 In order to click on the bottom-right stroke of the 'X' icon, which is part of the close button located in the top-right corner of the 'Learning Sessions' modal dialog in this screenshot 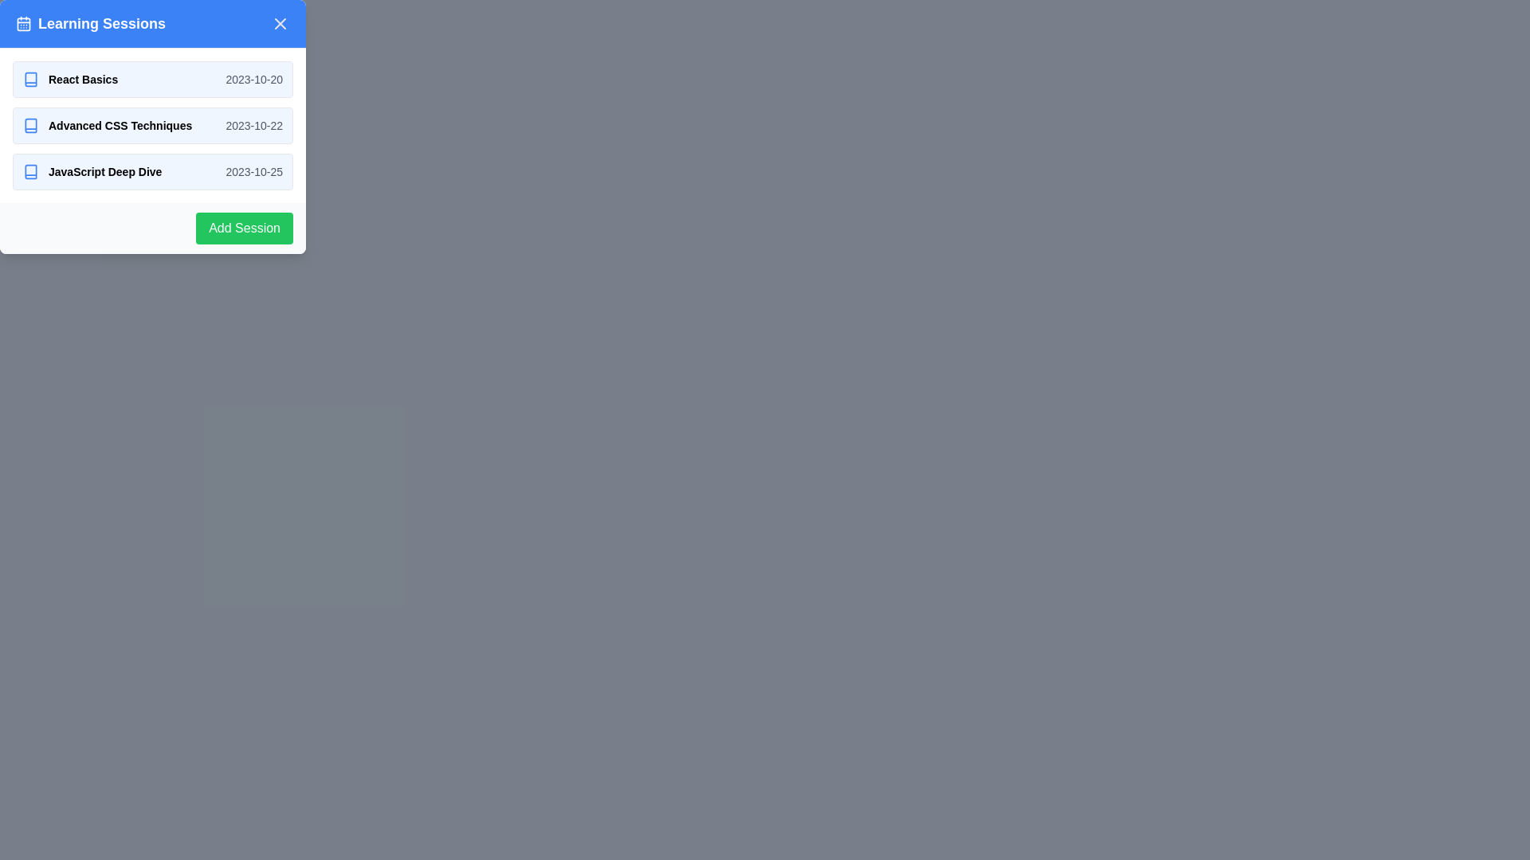, I will do `click(280, 24)`.